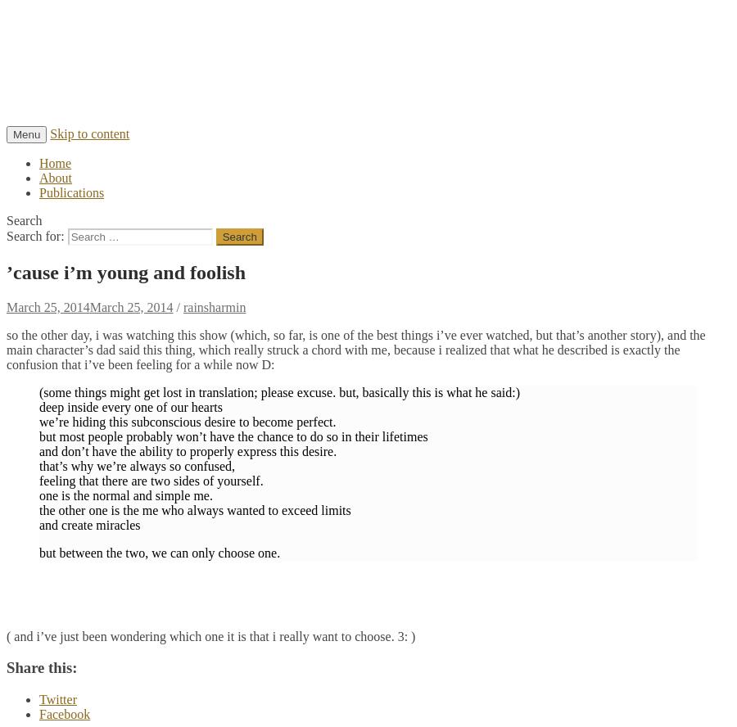 The height and width of the screenshot is (727, 737). I want to click on 'Search', so click(6, 219).